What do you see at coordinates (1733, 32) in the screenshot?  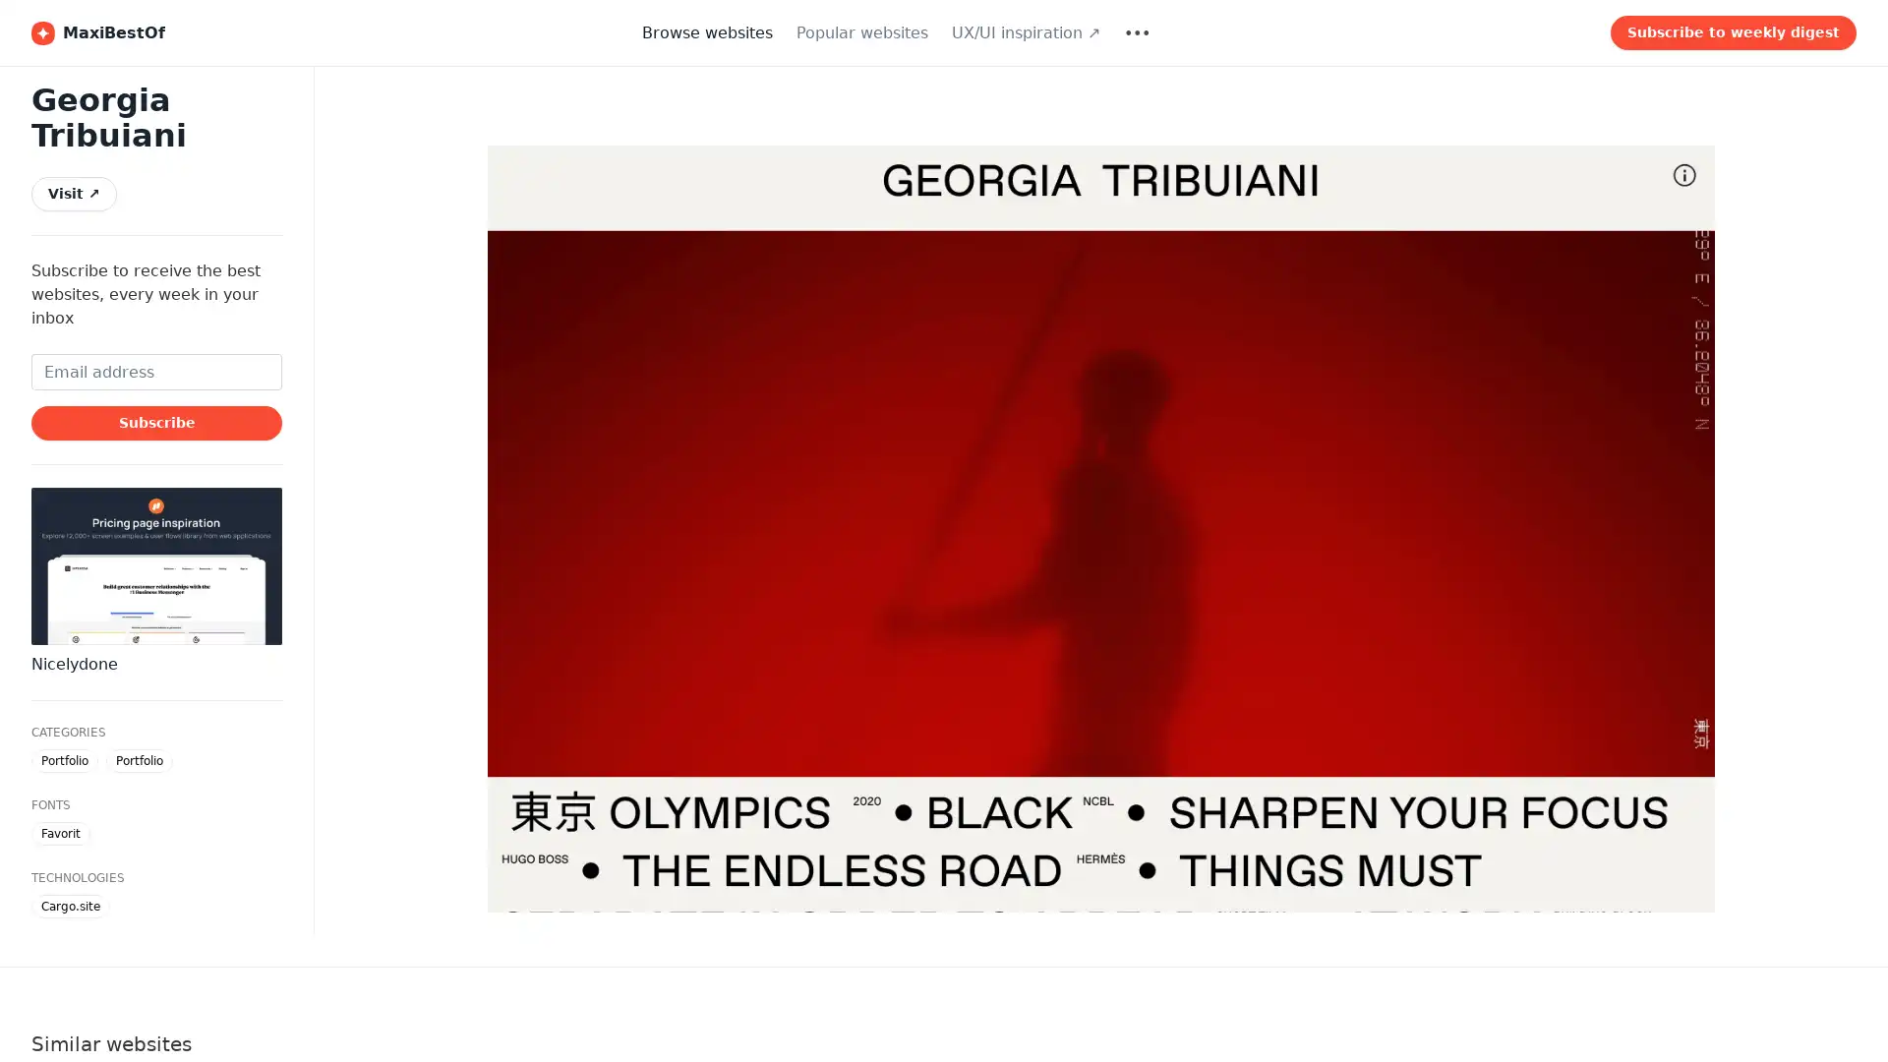 I see `Subscribe to weekly digest` at bounding box center [1733, 32].